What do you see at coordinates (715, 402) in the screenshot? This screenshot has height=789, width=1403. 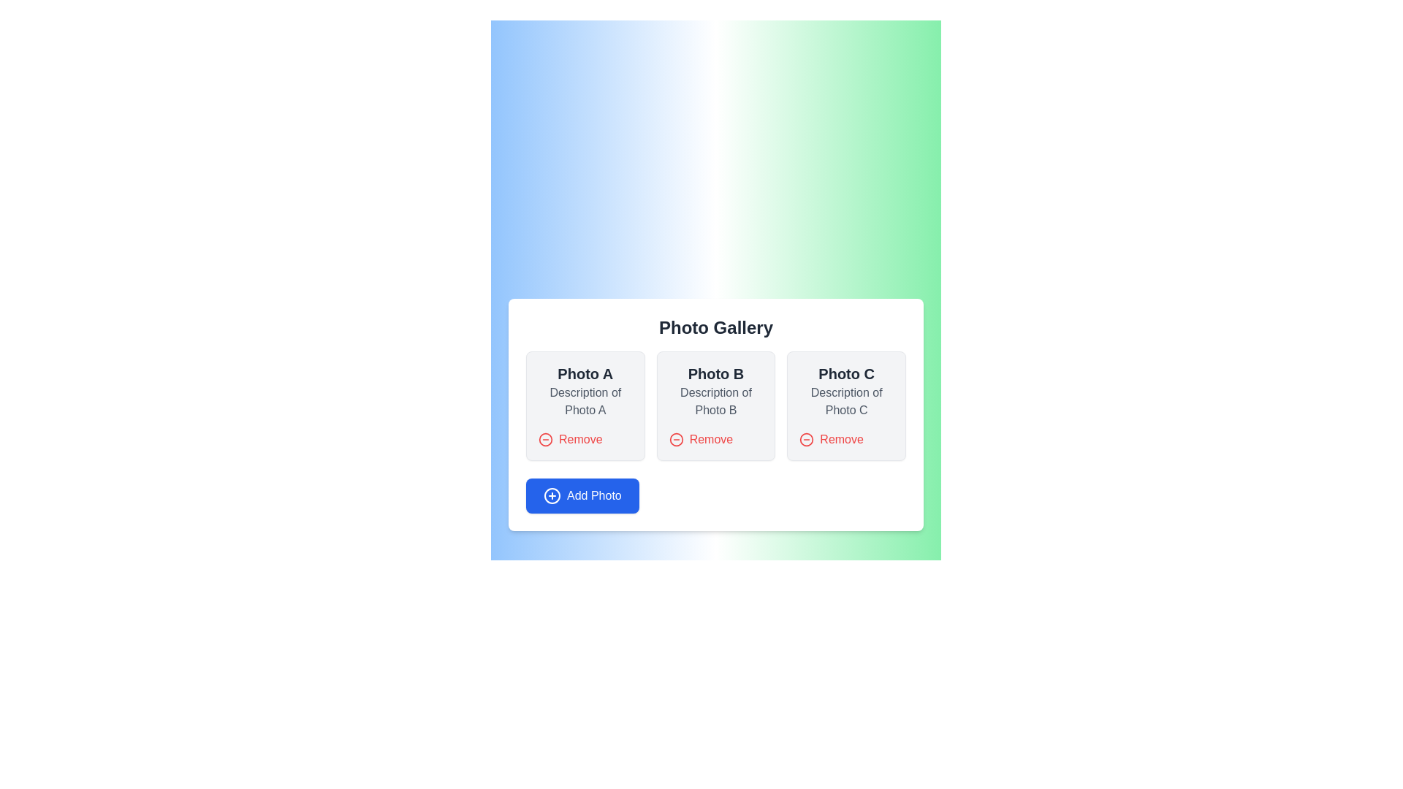 I see `text content of the label displaying 'Description of Photo B', which is located beneath the title 'Photo B' and above the 'Remove' button in the card interface` at bounding box center [715, 402].